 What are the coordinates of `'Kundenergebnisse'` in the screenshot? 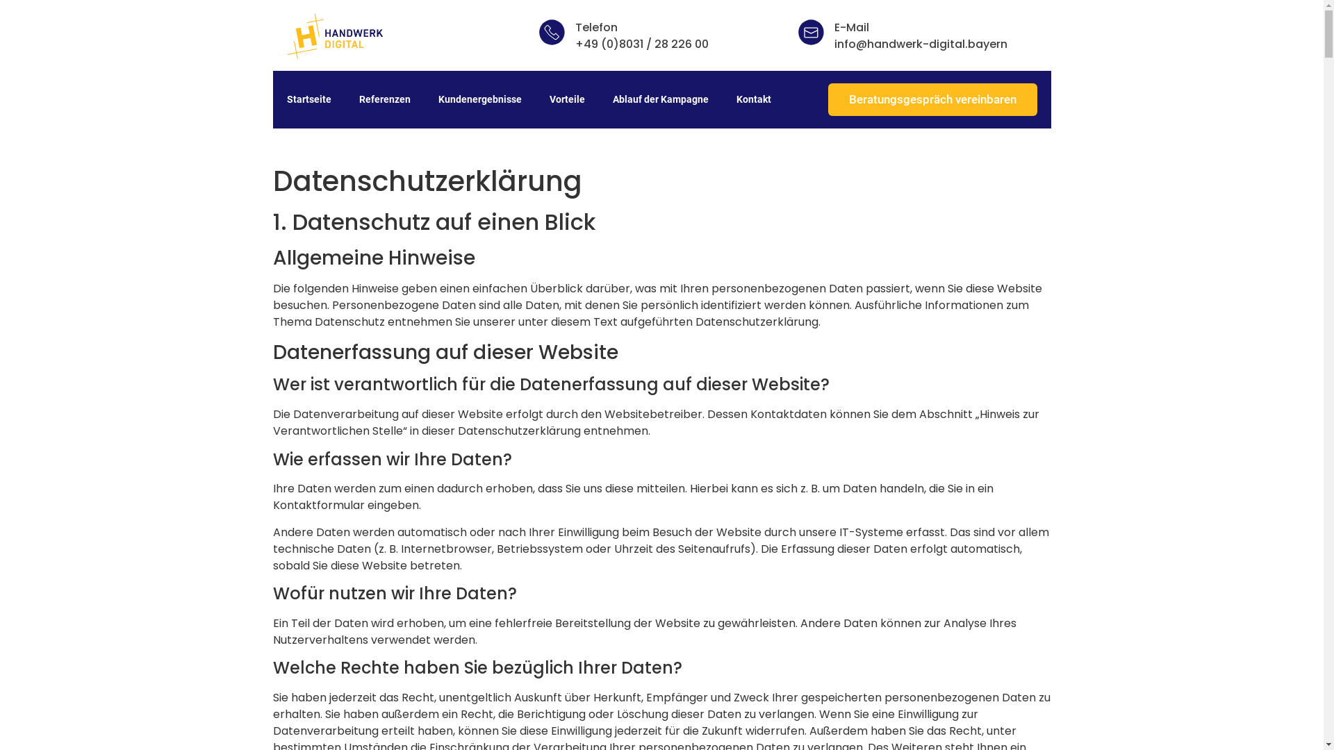 It's located at (479, 98).